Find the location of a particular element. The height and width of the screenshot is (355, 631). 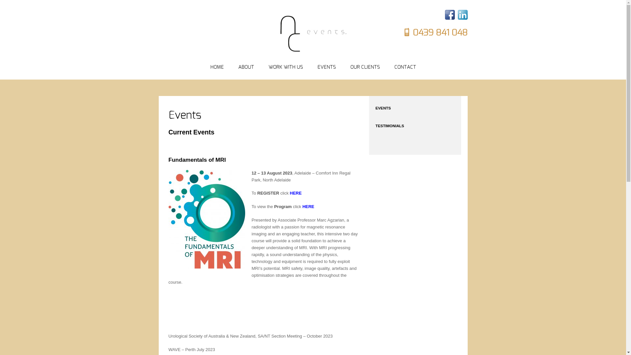

'EVENTS' is located at coordinates (326, 67).